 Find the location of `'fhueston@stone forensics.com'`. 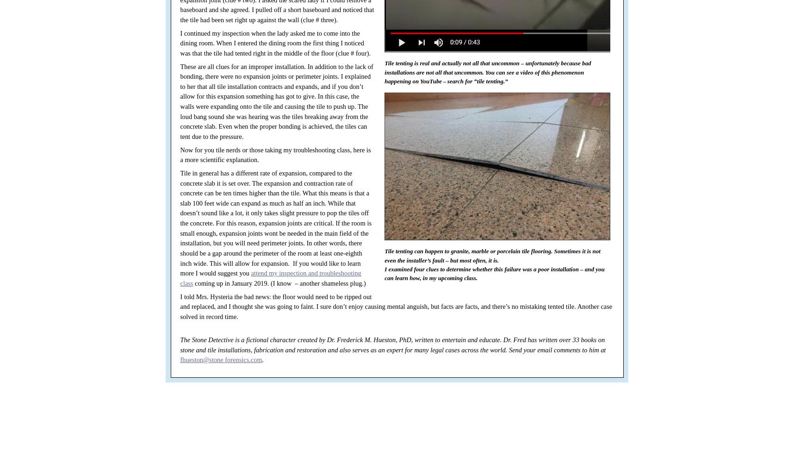

'fhueston@stone forensics.com' is located at coordinates (180, 360).